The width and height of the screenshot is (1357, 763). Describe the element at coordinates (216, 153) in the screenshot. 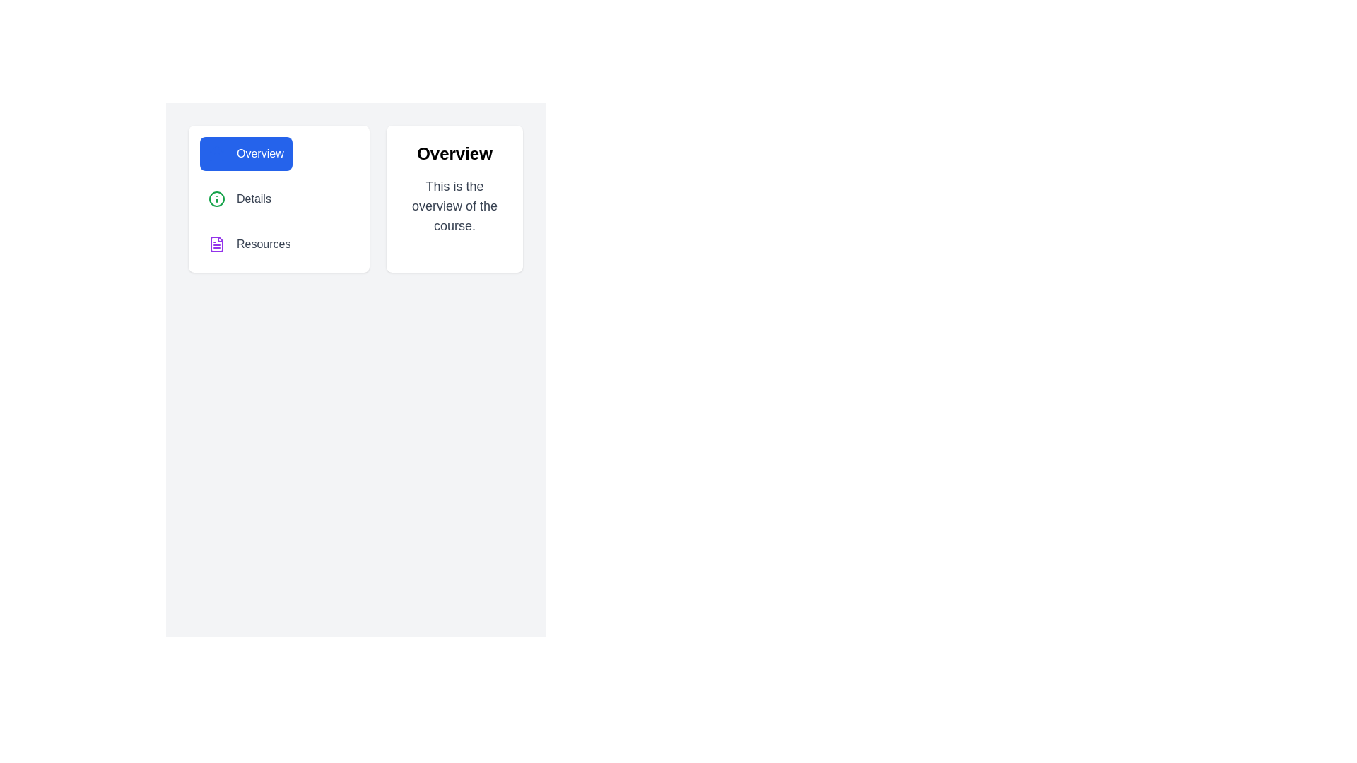

I see `the house icon SVG element located inside a blue rectangular button, positioned above the text 'Overview' in the first card of the grid layout` at that location.